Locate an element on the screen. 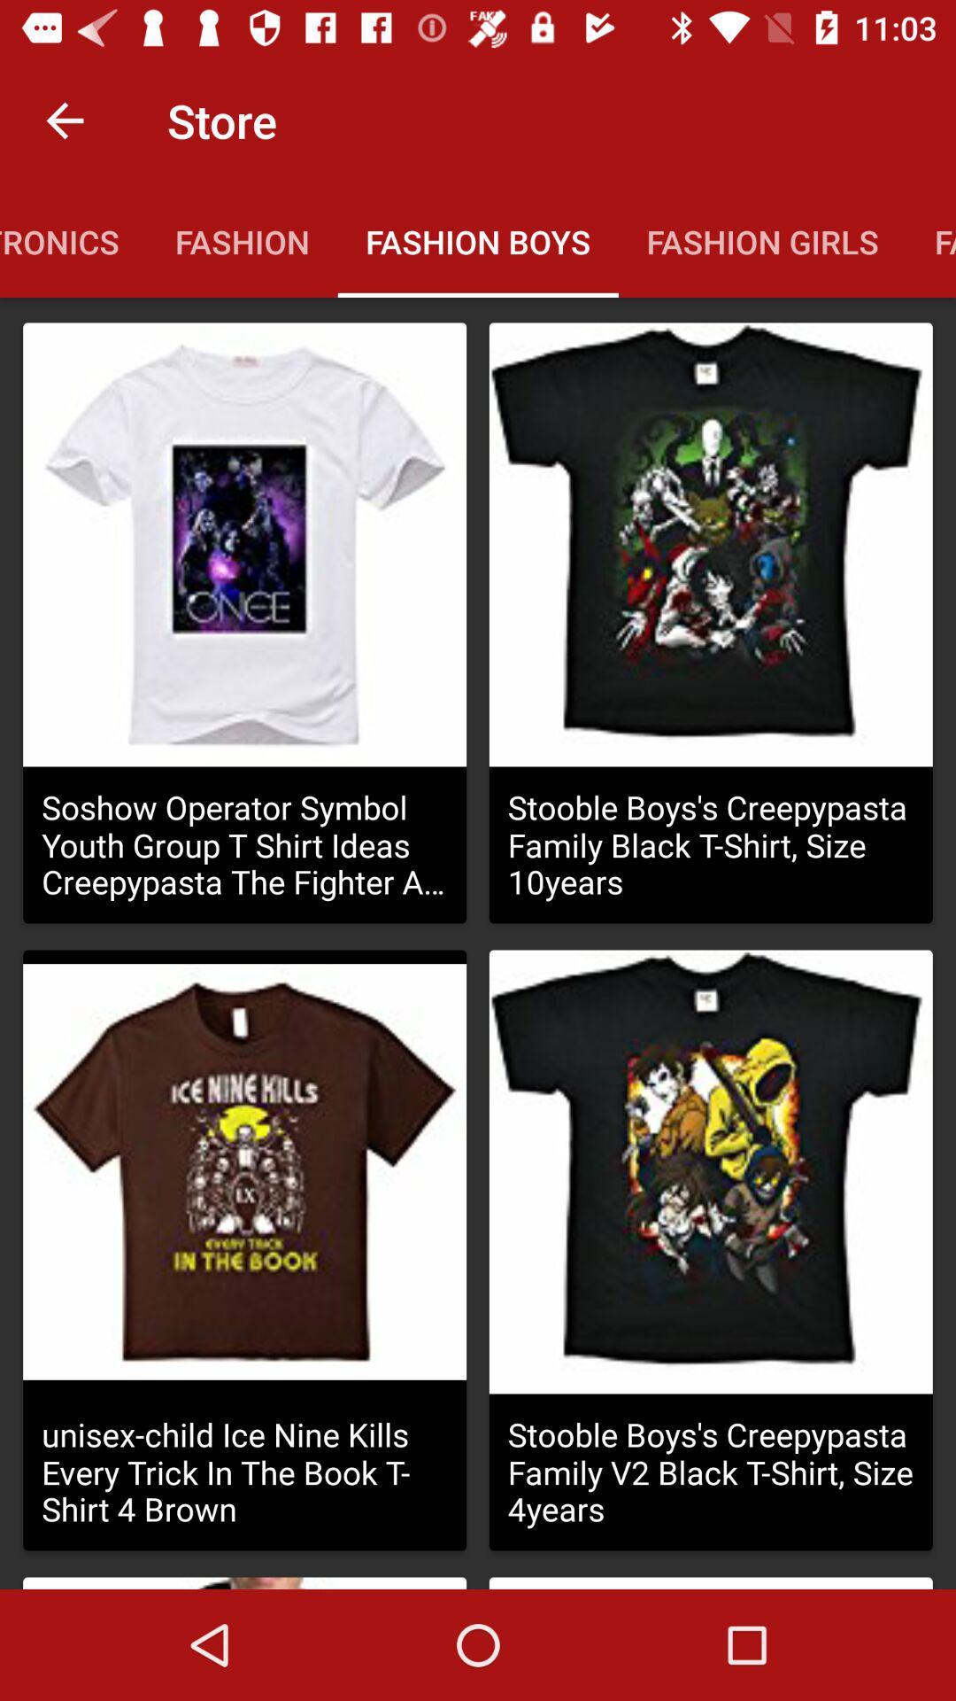 The width and height of the screenshot is (956, 1701). item to the left of store is located at coordinates (64, 120).